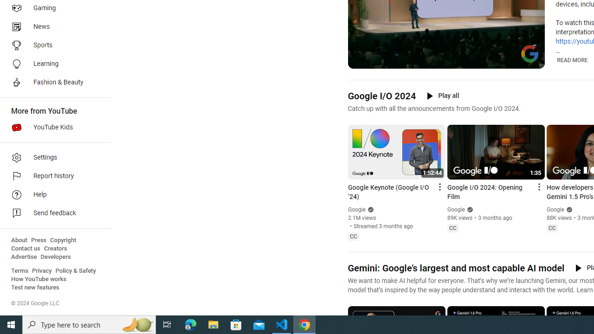 The width and height of the screenshot is (594, 334). Describe the element at coordinates (52, 26) in the screenshot. I see `'News'` at that location.